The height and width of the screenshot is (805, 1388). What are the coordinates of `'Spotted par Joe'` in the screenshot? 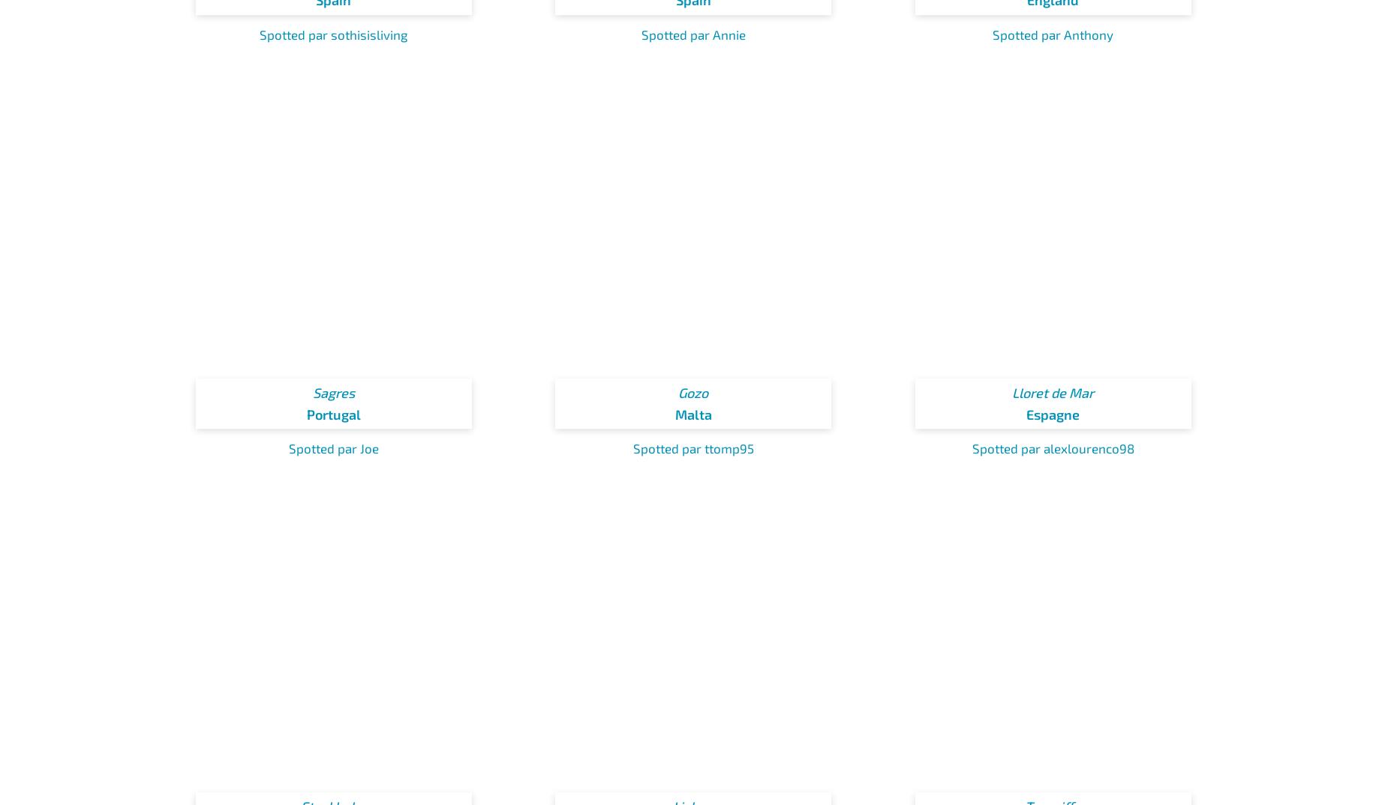 It's located at (332, 448).